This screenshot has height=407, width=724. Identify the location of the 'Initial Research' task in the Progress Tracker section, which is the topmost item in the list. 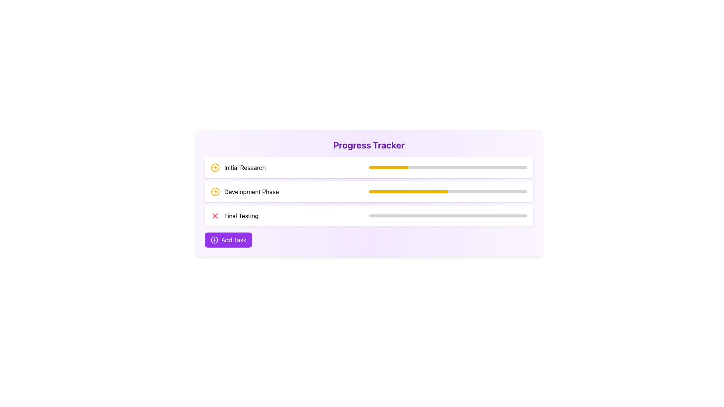
(238, 167).